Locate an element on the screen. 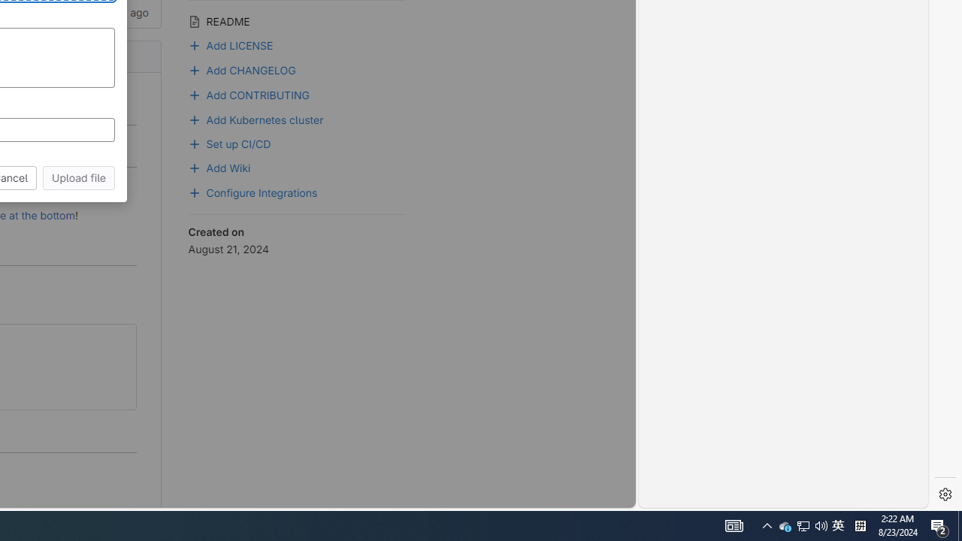 The image size is (962, 541). 'Class: s16 icon gl-mr-3 gl-text-gray-500' is located at coordinates (194, 21).